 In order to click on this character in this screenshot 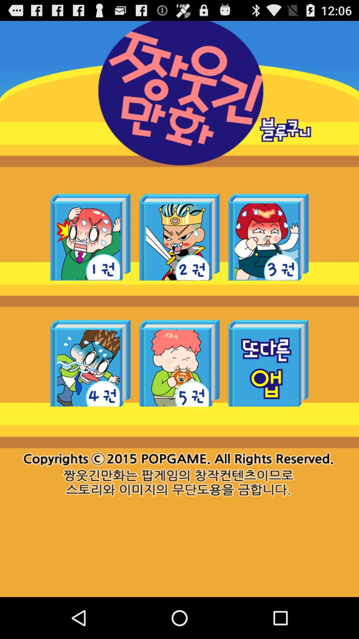, I will do `click(90, 363)`.